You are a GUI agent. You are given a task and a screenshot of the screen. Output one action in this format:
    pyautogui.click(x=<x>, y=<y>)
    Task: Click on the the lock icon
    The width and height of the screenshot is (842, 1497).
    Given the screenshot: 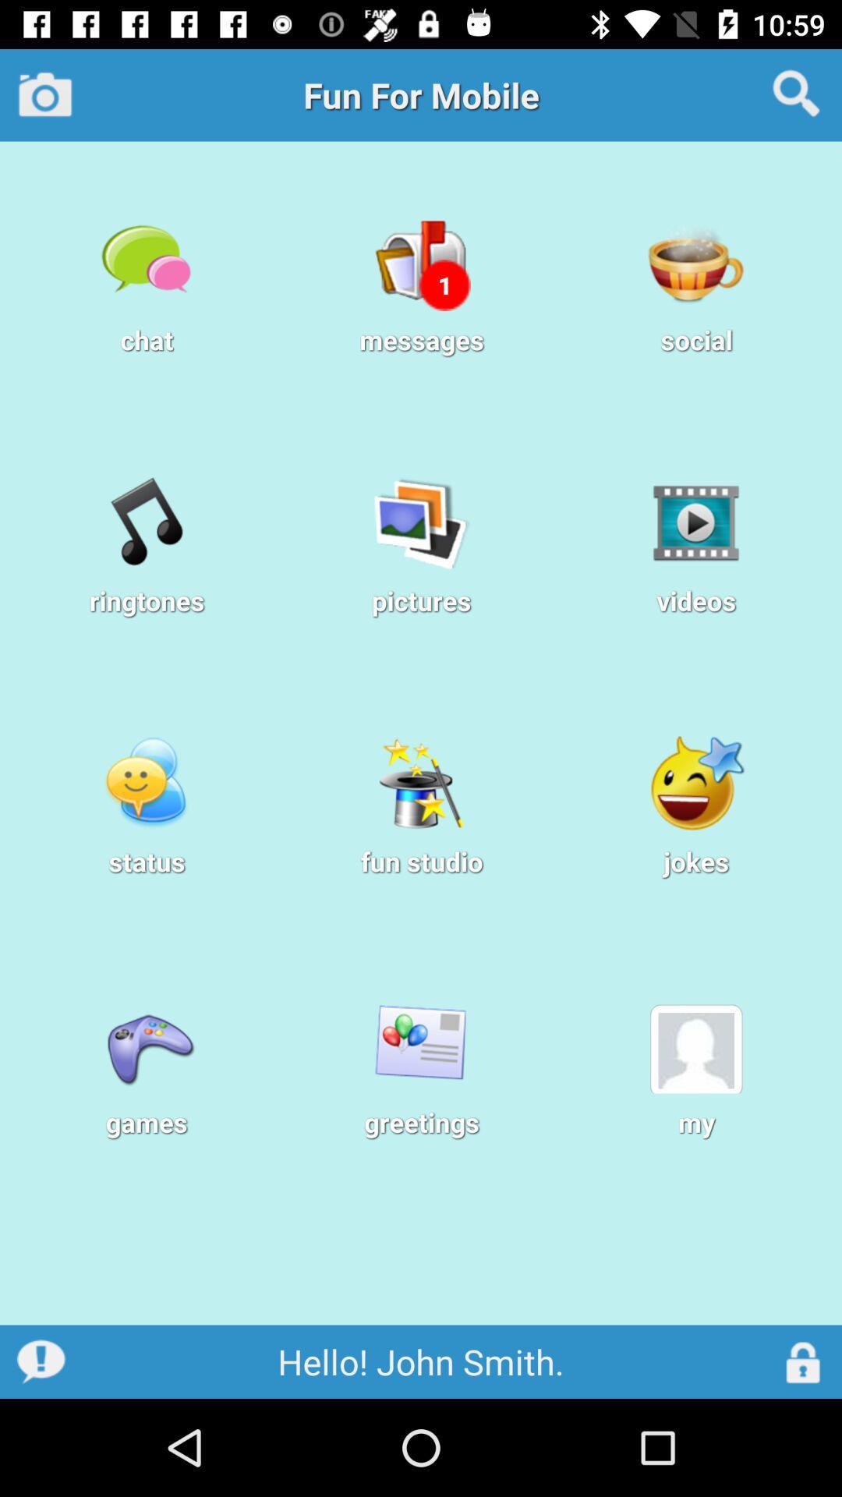 What is the action you would take?
    pyautogui.click(x=803, y=1361)
    